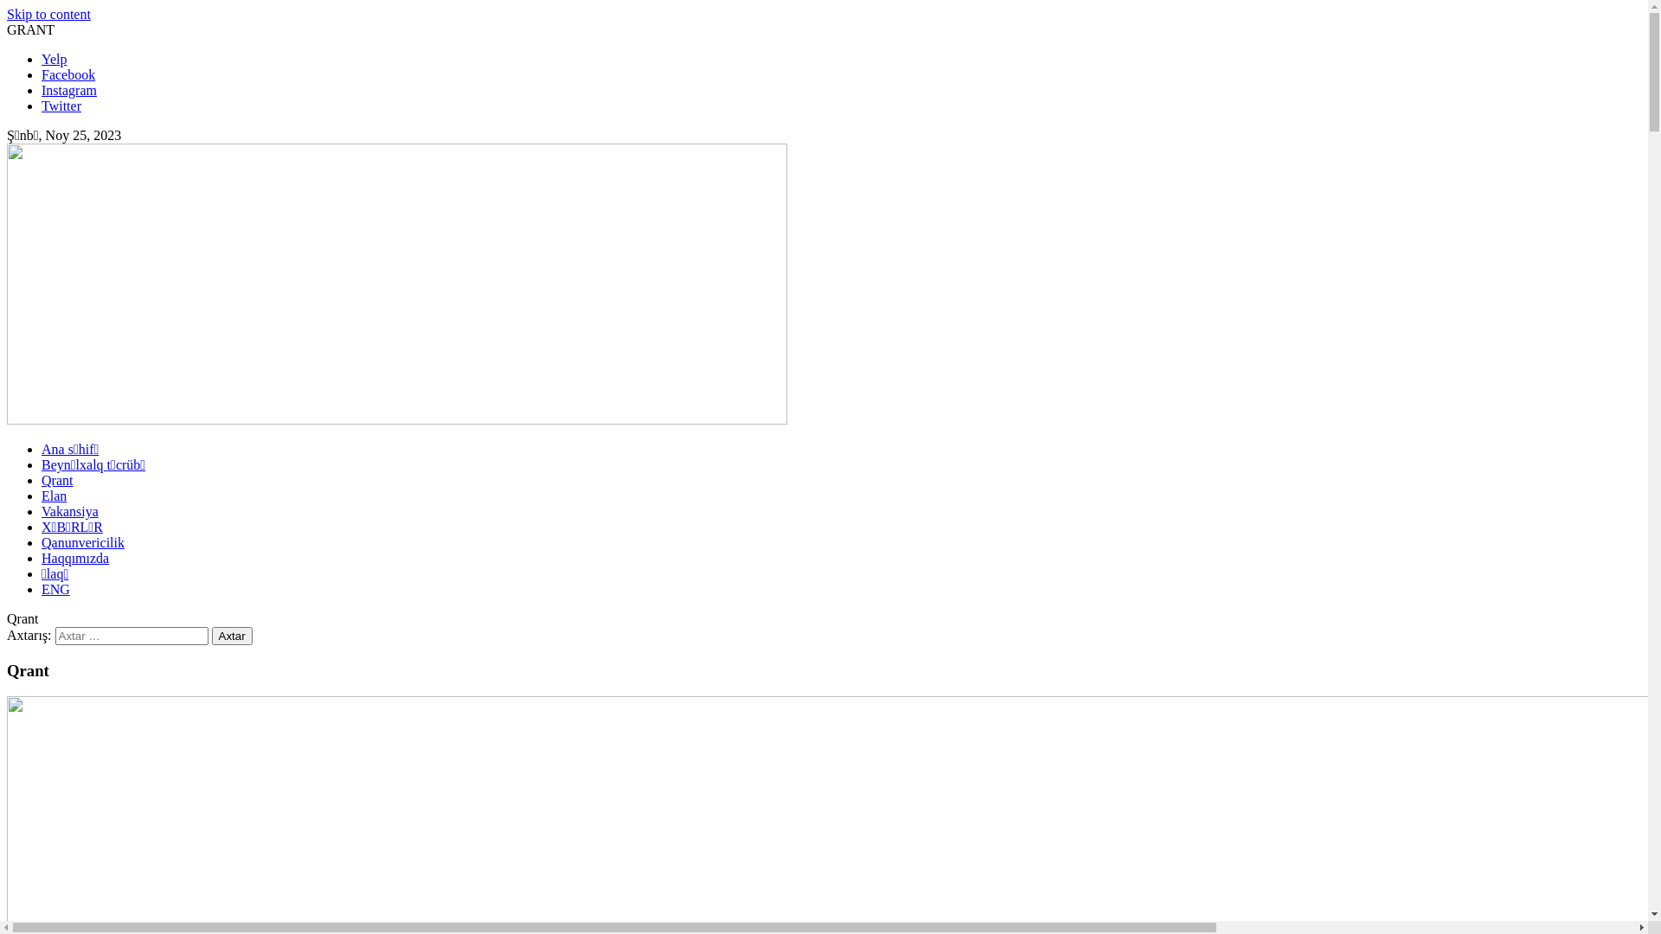  I want to click on 'Instagram', so click(42, 90).